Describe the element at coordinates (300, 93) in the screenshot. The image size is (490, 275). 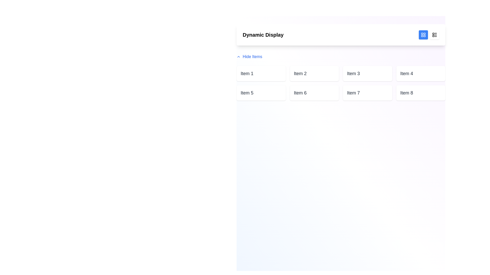
I see `the Text label displaying 'Item 6', which is centrally located within the second card of the second row in the grid layout` at that location.